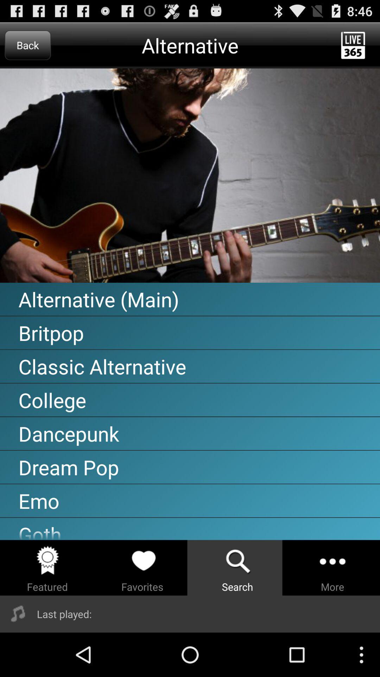 The width and height of the screenshot is (380, 677). I want to click on logo image, so click(190, 176).